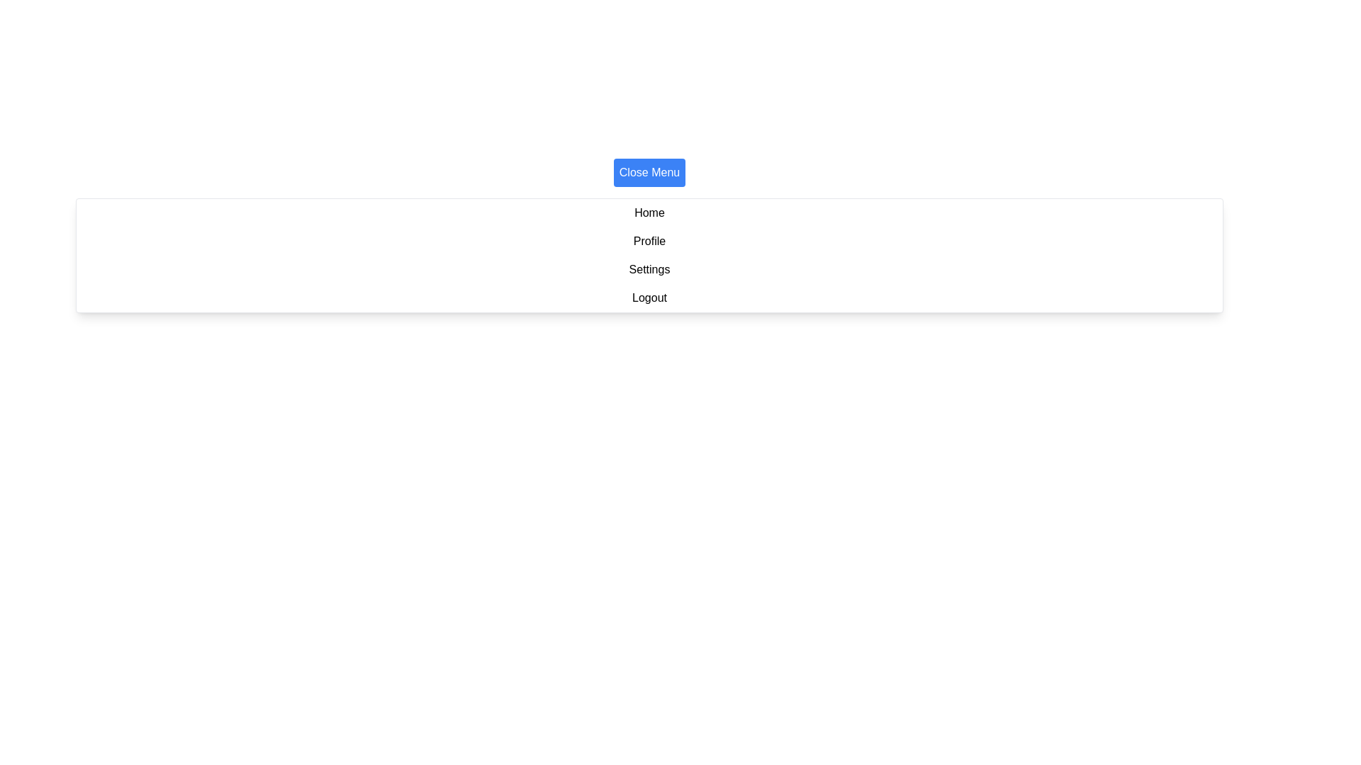 The image size is (1361, 765). I want to click on the 'Settings' text label, which is the third item in a vertical list, styled with padding and a hover effect that changes its background to blue, so click(649, 270).